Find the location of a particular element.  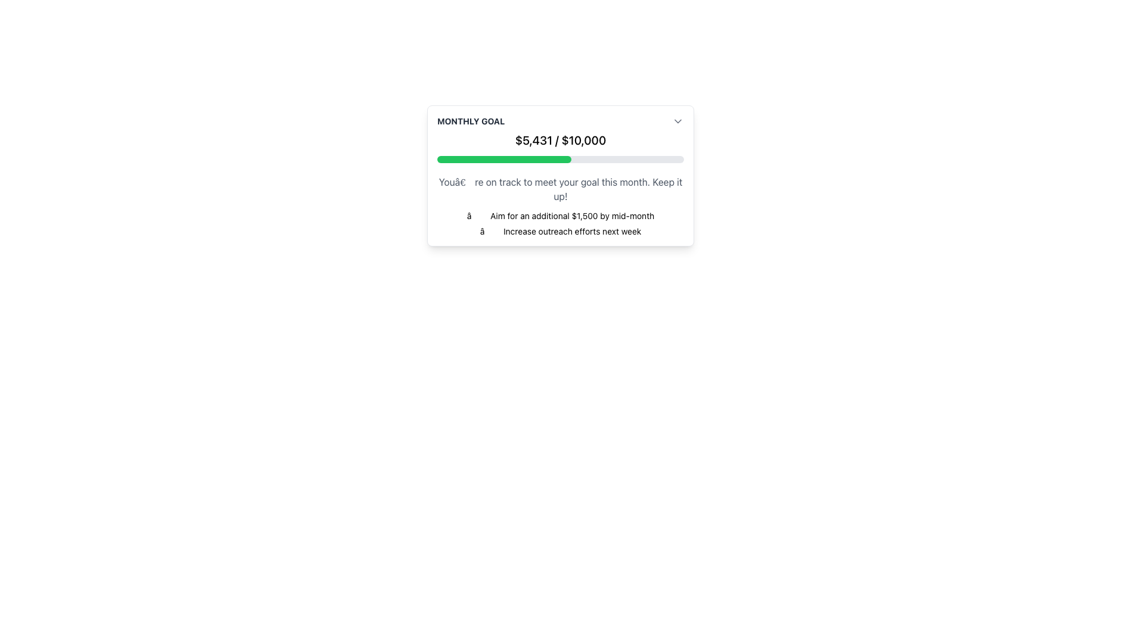

the interactive elements within the 'Monthly Goal' card, which features a white background, rounded corners, and a progress bar is located at coordinates (559, 175).